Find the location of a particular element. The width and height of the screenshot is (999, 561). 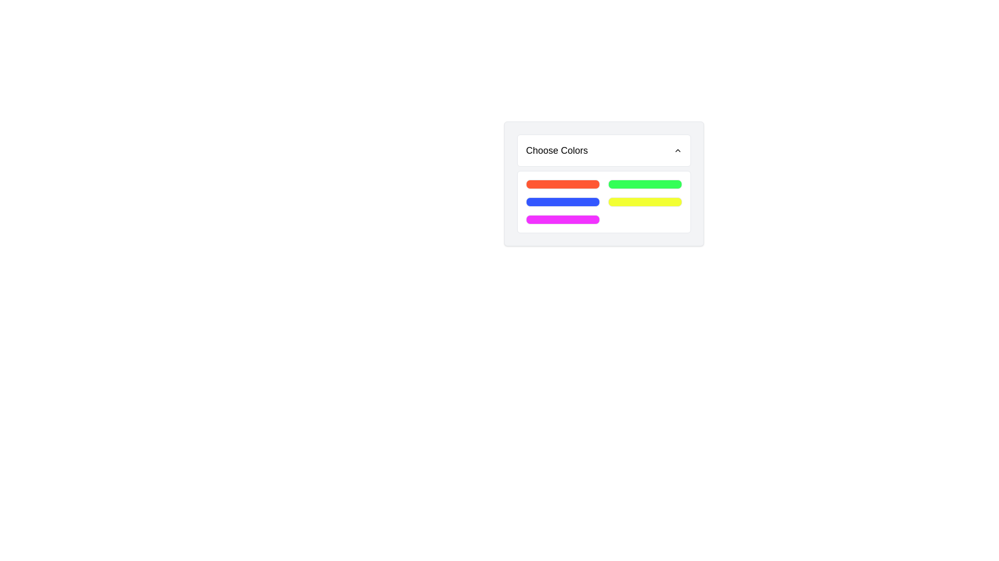

the small, vibrant pink rectangular UI component with rounded corners located in the bottom-left corner of the 2x4 grid is located at coordinates (562, 219).